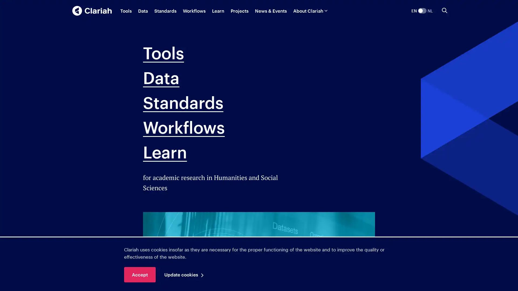 The image size is (518, 291). Describe the element at coordinates (185, 275) in the screenshot. I see `Update cookies` at that location.